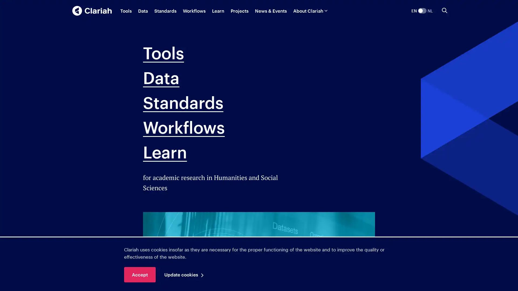 The image size is (518, 291). Describe the element at coordinates (185, 275) in the screenshot. I see `Update cookies` at that location.